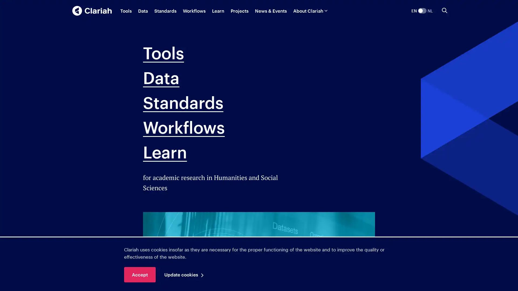 The image size is (518, 291). Describe the element at coordinates (185, 275) in the screenshot. I see `Update cookies` at that location.